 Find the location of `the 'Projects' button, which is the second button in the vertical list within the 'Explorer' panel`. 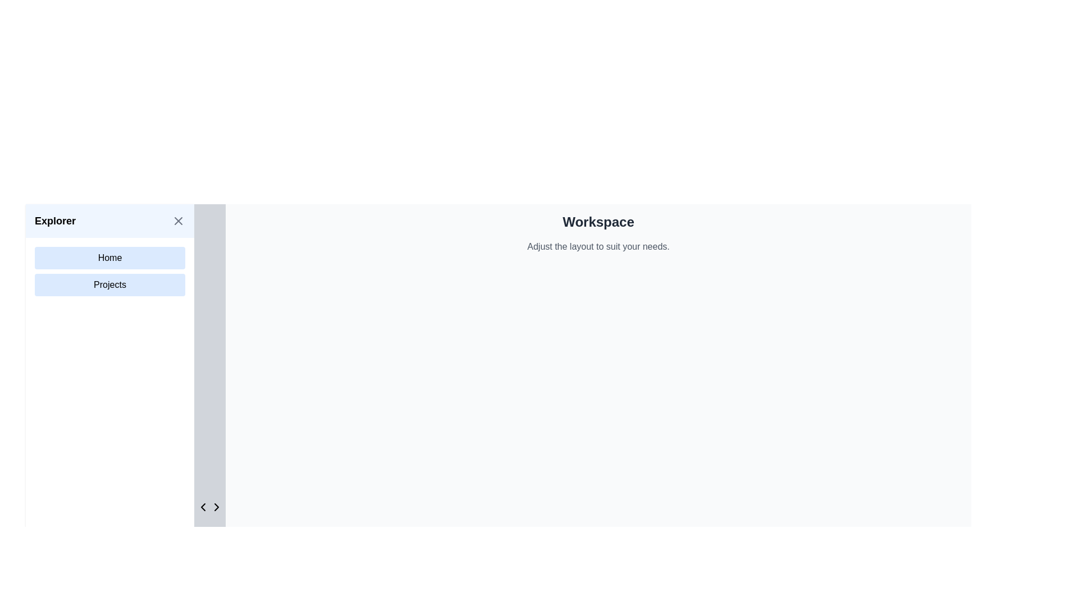

the 'Projects' button, which is the second button in the vertical list within the 'Explorer' panel is located at coordinates (110, 284).